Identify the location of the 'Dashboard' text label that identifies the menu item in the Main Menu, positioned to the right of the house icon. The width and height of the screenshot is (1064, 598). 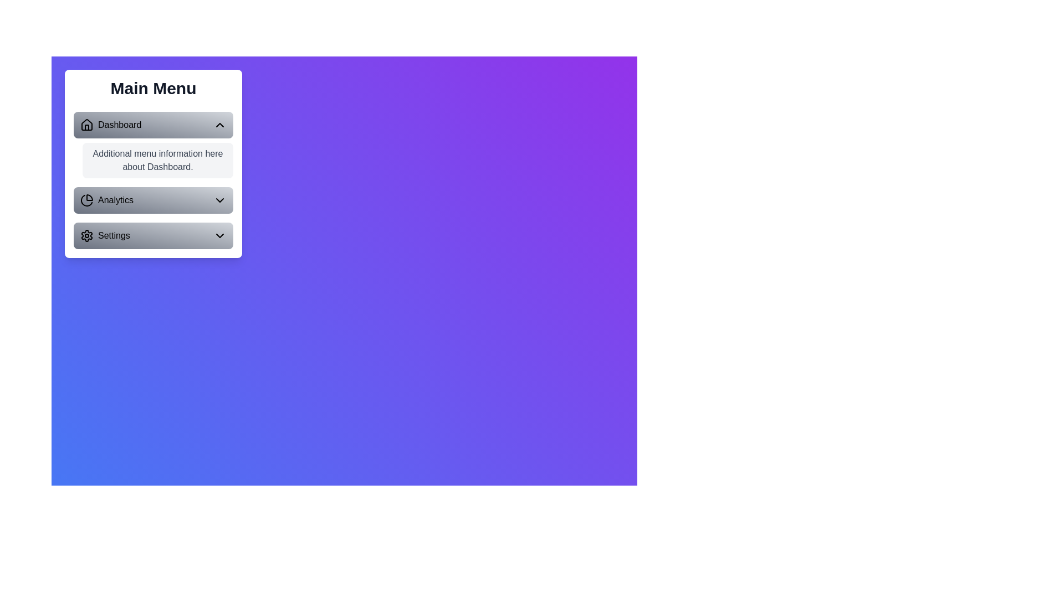
(120, 125).